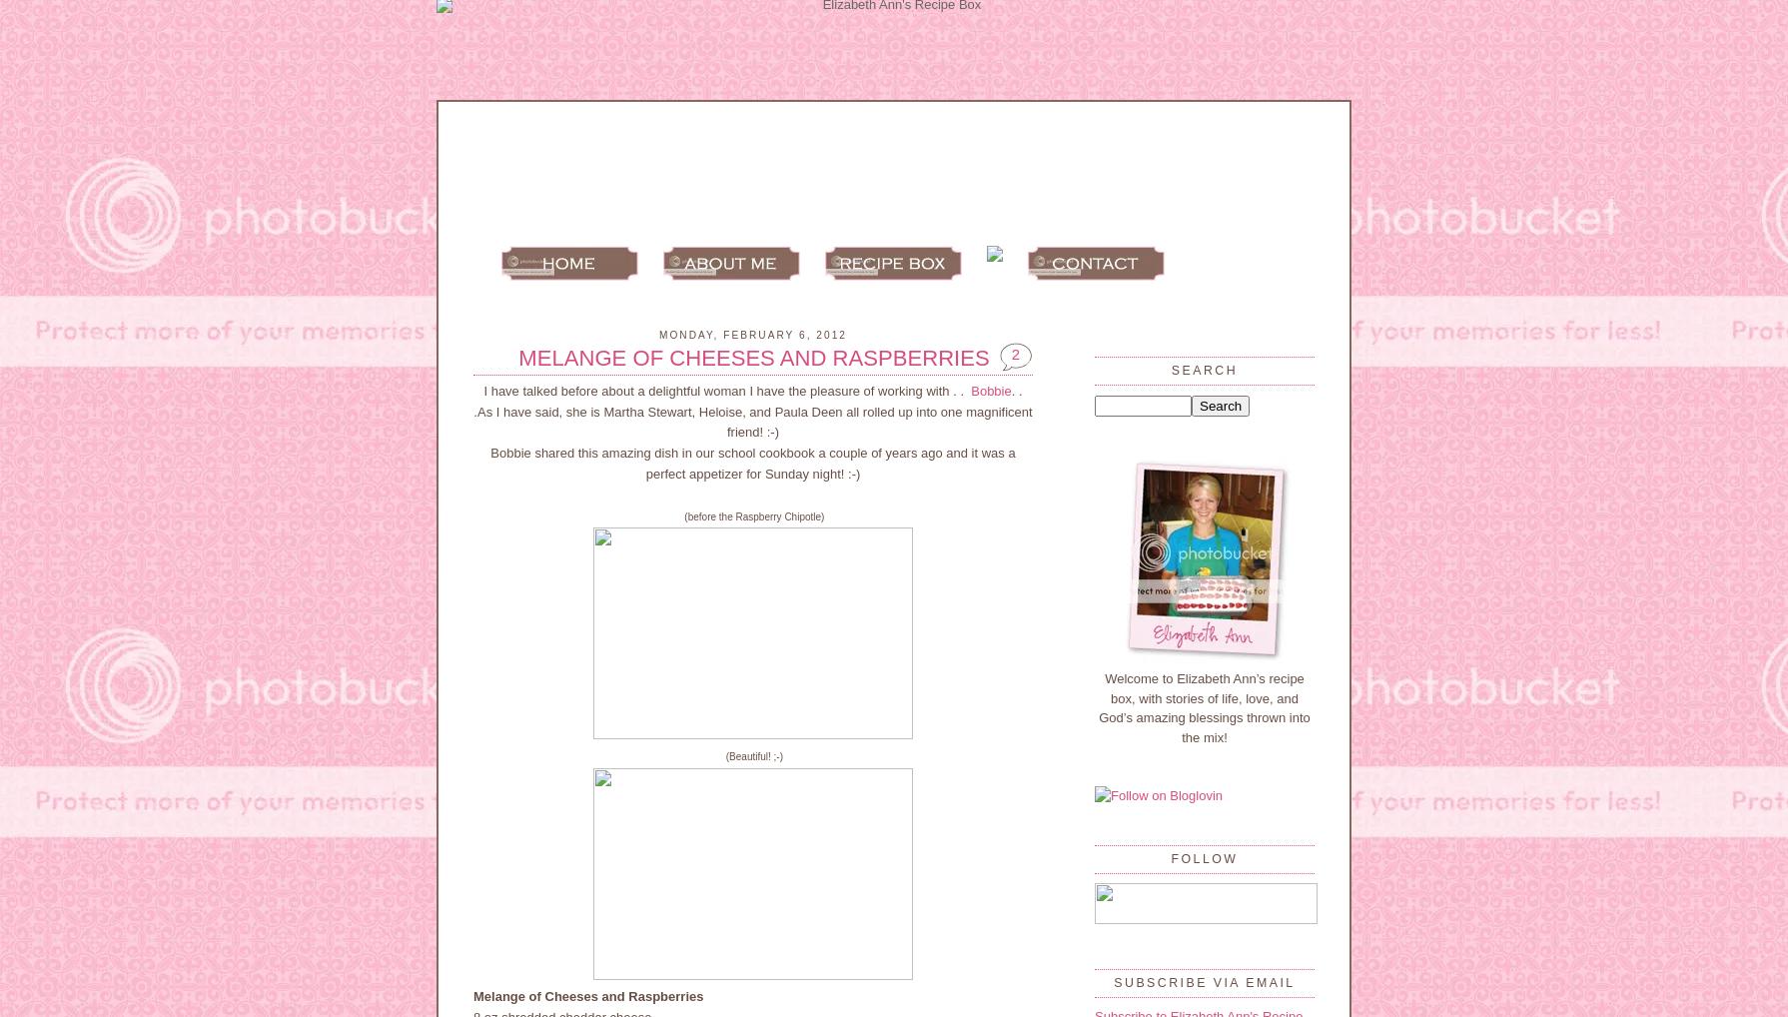 The width and height of the screenshot is (1788, 1017). Describe the element at coordinates (1204, 981) in the screenshot. I see `'Subscribe via email'` at that location.